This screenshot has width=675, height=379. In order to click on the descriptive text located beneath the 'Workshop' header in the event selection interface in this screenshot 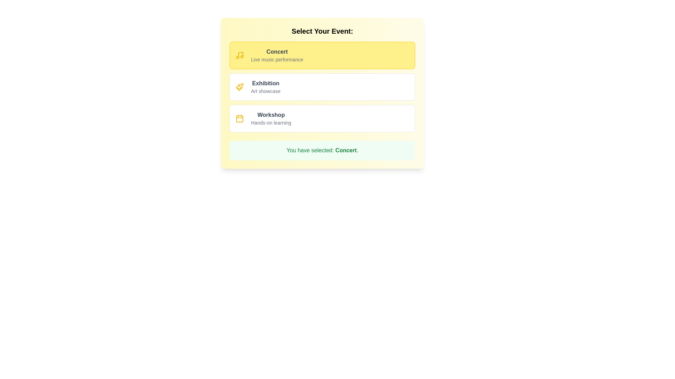, I will do `click(271, 122)`.